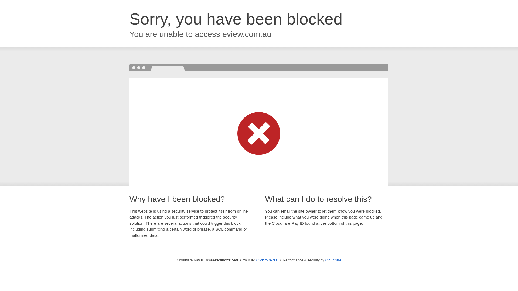 Image resolution: width=518 pixels, height=291 pixels. Describe the element at coordinates (333, 260) in the screenshot. I see `'Cloudflare'` at that location.